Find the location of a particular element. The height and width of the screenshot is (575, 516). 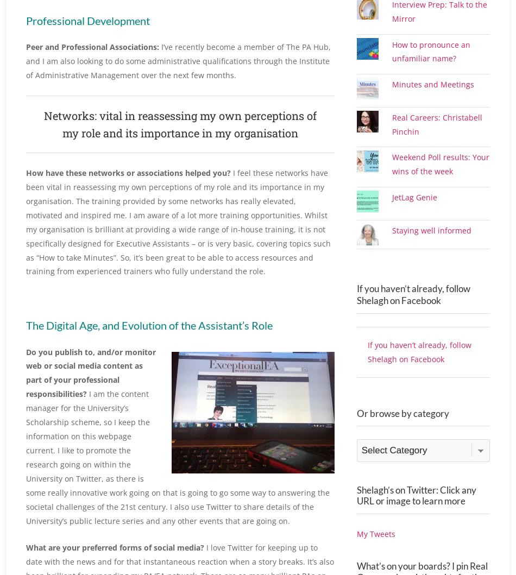

'I feel these networks have been vital in reassessing my own perceptions of my role and its importance in my organisation. The training provided by some networks has really elevated, motivated and inspired me. I am aware of a lot more training opportunities. Whilst my organisation is brilliant at providing a wide range of in-house training, it is not specifically designed for Executive Assistants – or is very basic, covering topics such as “How to take Minutes”. So, it’s been great to be able to access resources and training from experienced trainers who fully understand the role.' is located at coordinates (178, 221).